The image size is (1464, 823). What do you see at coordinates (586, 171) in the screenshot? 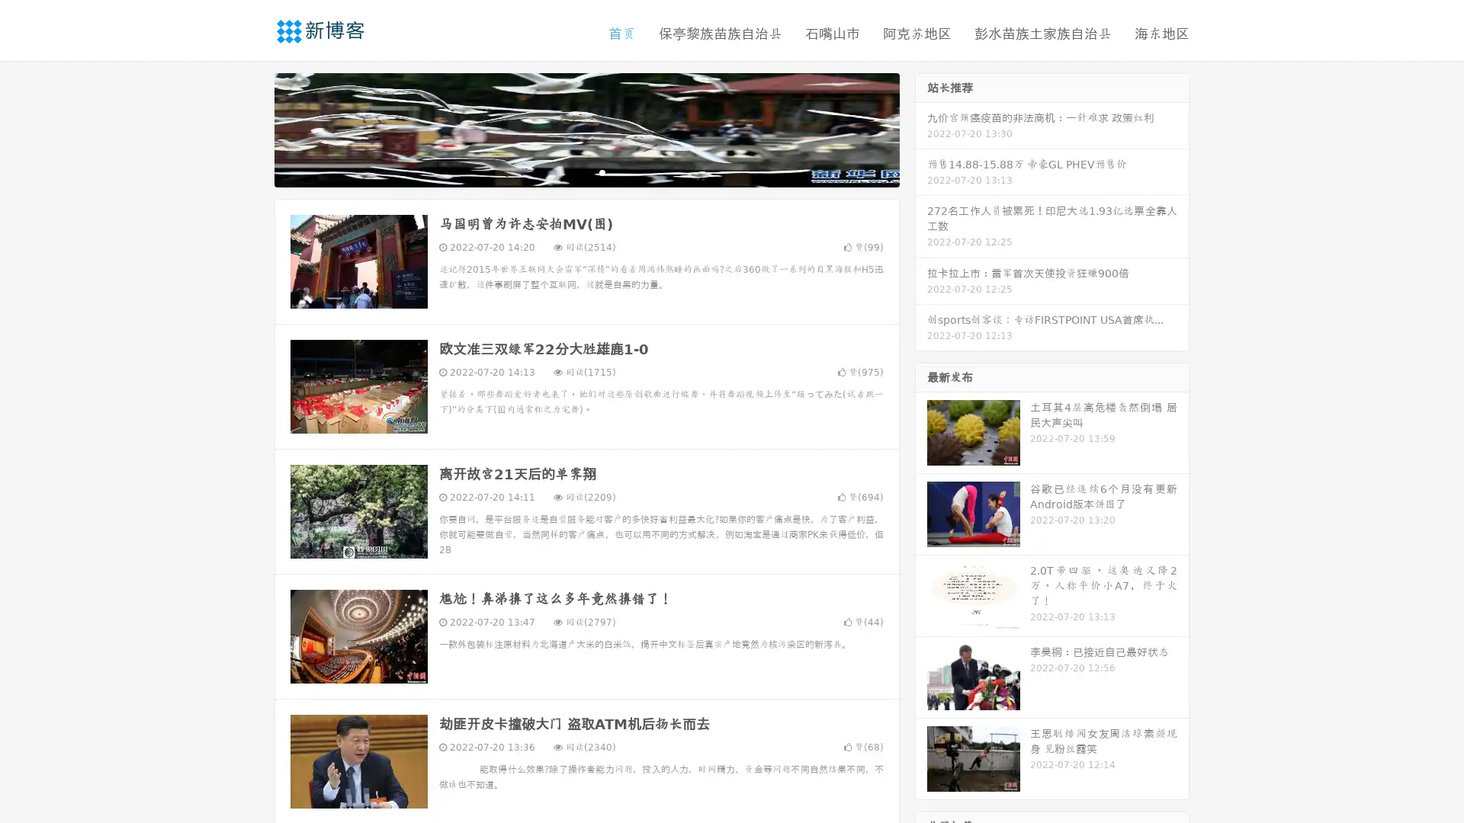
I see `Go to slide 2` at bounding box center [586, 171].